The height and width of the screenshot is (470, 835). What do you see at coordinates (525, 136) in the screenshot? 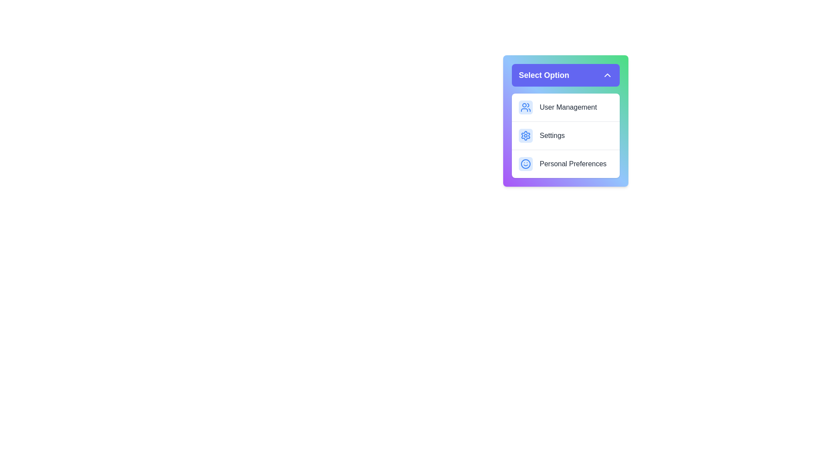
I see `the settings icon located in the dropdown menu below the 'Select Option' header` at bounding box center [525, 136].